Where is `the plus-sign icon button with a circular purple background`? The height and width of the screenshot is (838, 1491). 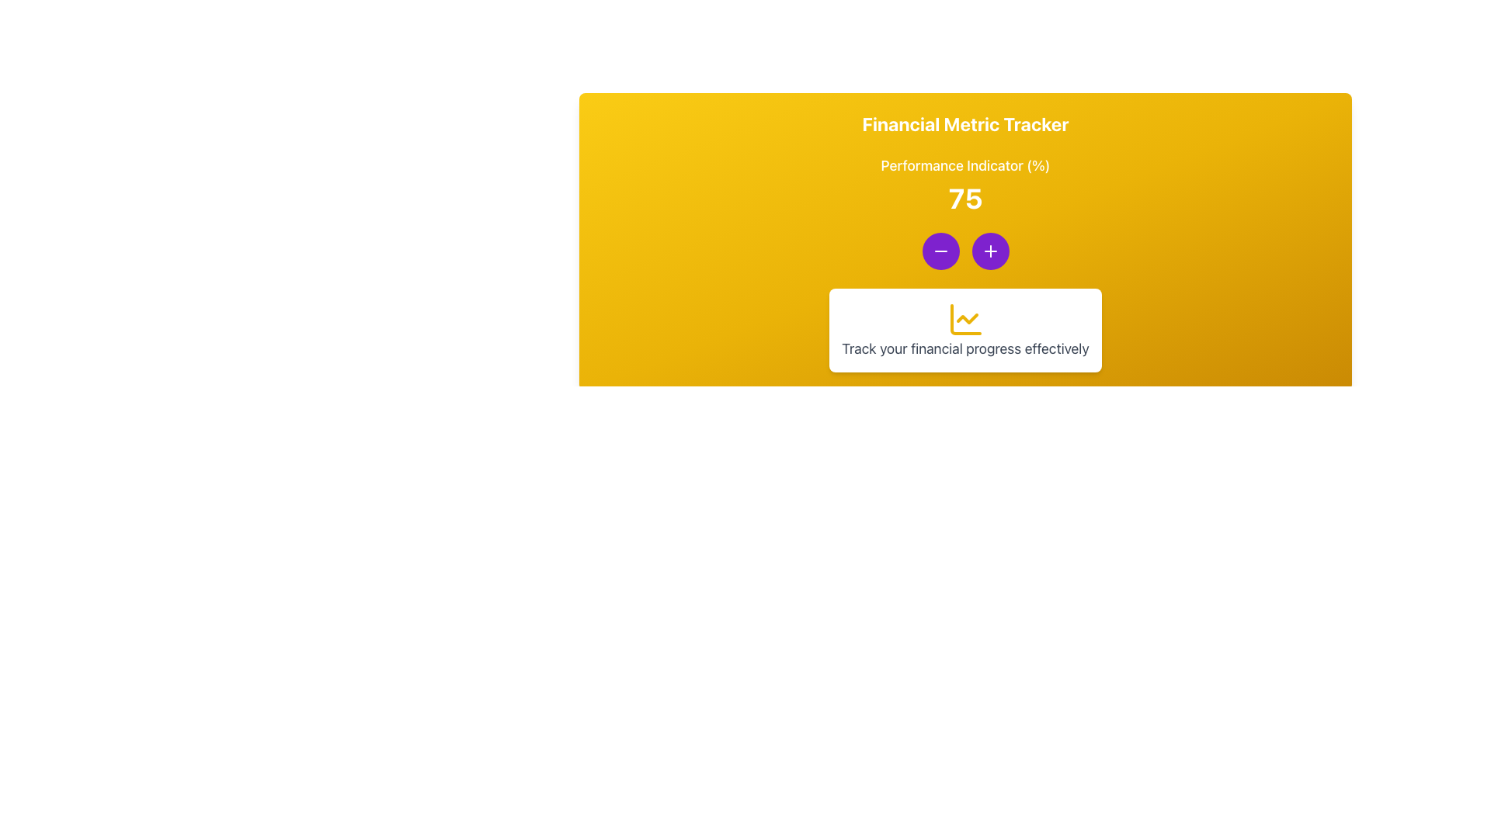
the plus-sign icon button with a circular purple background is located at coordinates (989, 251).